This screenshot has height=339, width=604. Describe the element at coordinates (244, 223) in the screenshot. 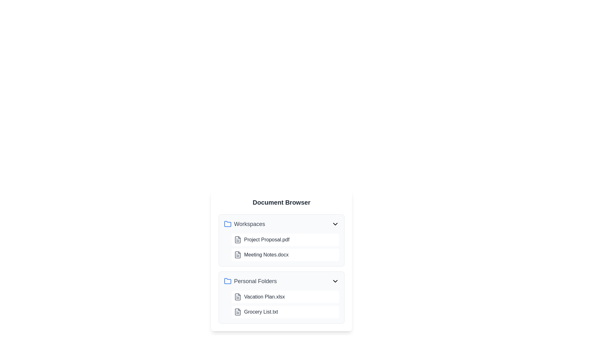

I see `the labeled folder item 'Workspaces' located in the upper section of the document browser` at that location.